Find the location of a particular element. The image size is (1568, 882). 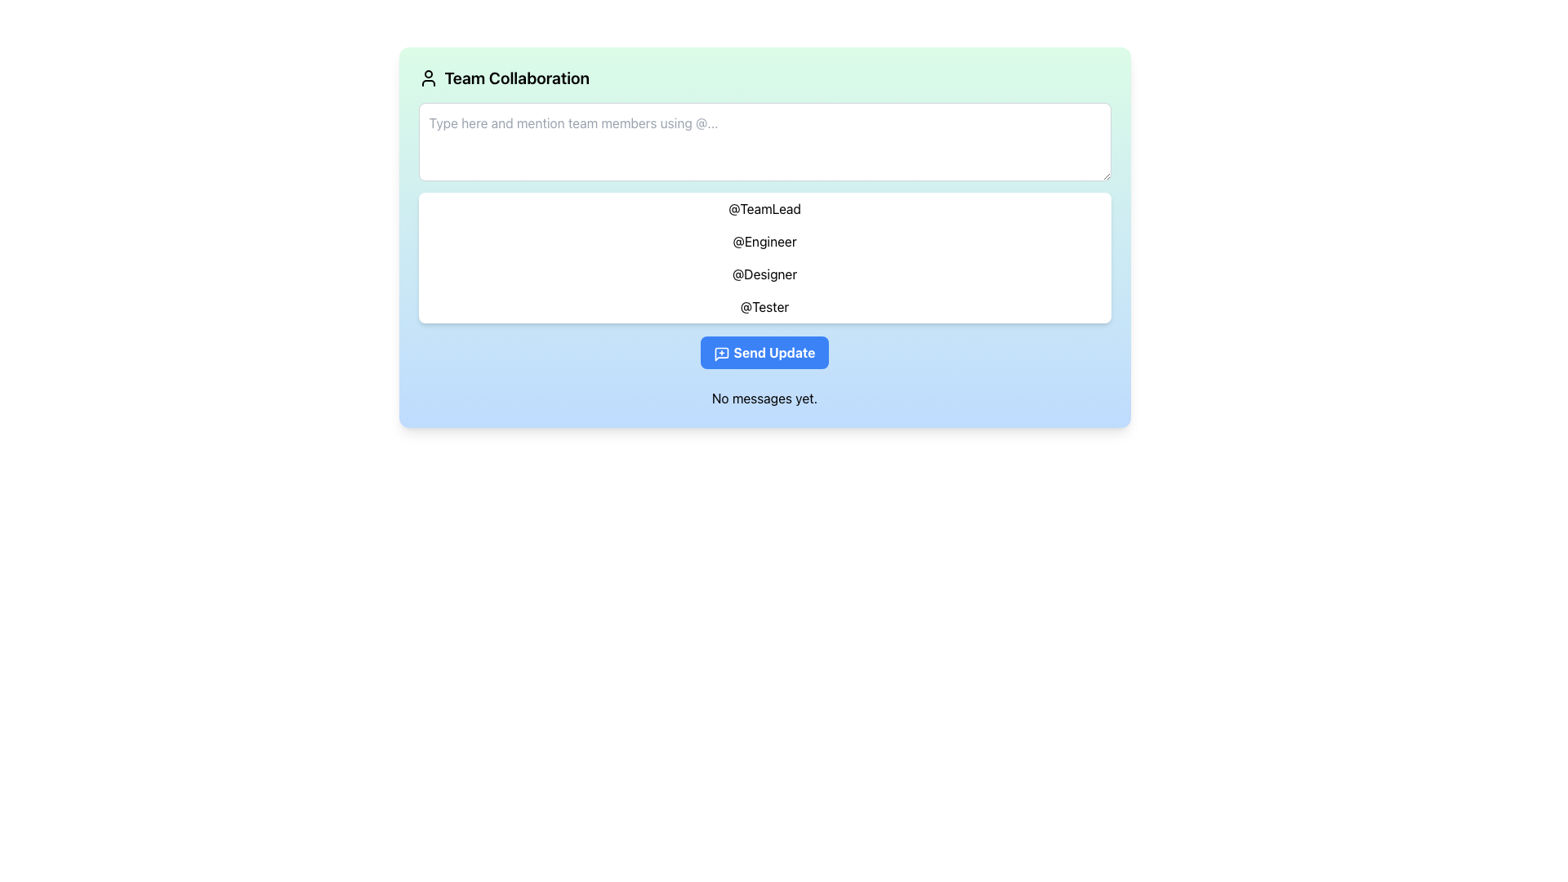

the icon within the 'Send Update' button, located to the left of the text label 'Send Update' is located at coordinates (721, 353).